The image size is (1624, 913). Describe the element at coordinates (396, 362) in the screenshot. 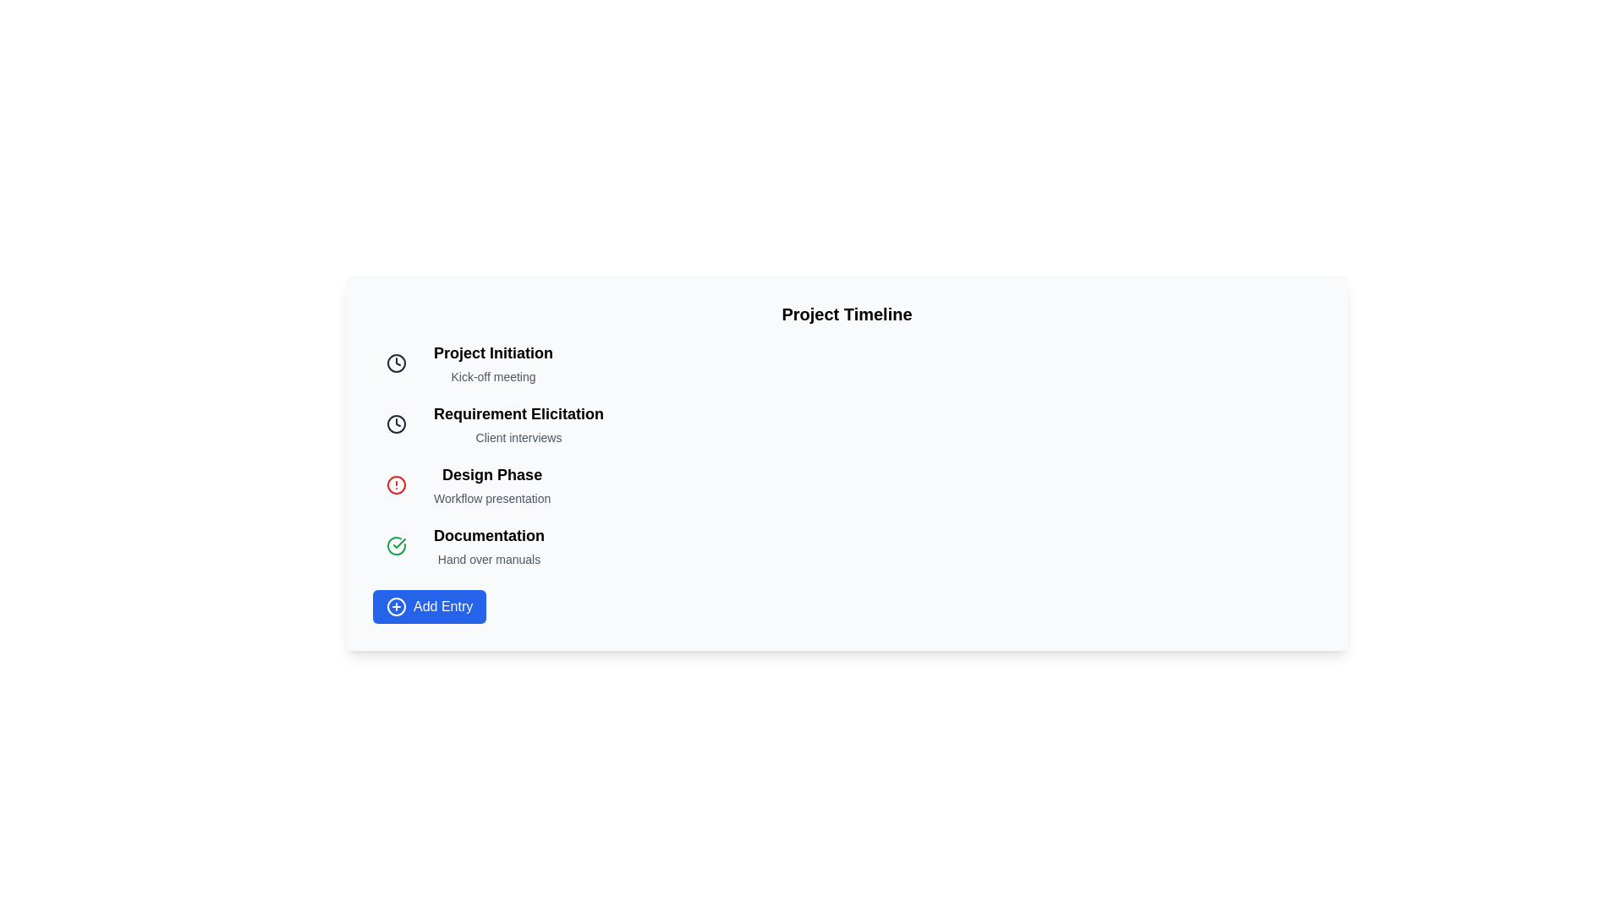

I see `the SVG Circle Element that represents the outer boundary of the clock symbol located next to 'Requirement Elicitation' in the 'Project Timeline' list` at that location.